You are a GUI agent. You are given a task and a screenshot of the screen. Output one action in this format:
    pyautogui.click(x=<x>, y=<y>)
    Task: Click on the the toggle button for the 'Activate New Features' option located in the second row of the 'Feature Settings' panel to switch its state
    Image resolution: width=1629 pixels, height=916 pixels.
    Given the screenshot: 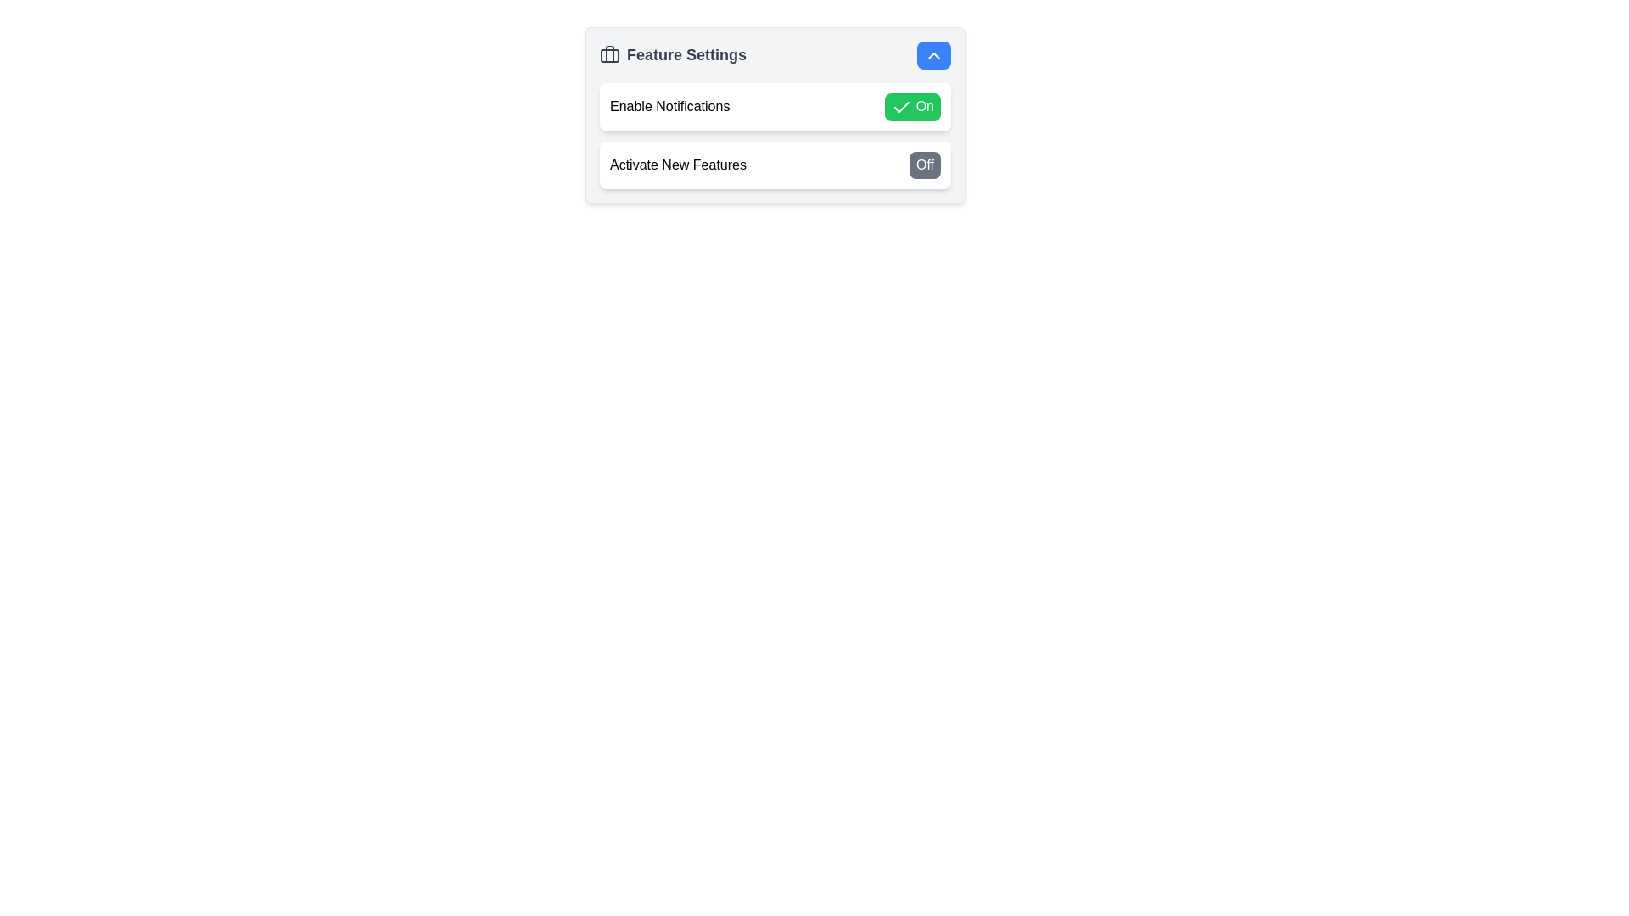 What is the action you would take?
    pyautogui.click(x=774, y=164)
    